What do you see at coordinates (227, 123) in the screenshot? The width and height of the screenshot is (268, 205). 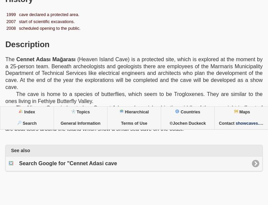 I see `'Contact'` at bounding box center [227, 123].